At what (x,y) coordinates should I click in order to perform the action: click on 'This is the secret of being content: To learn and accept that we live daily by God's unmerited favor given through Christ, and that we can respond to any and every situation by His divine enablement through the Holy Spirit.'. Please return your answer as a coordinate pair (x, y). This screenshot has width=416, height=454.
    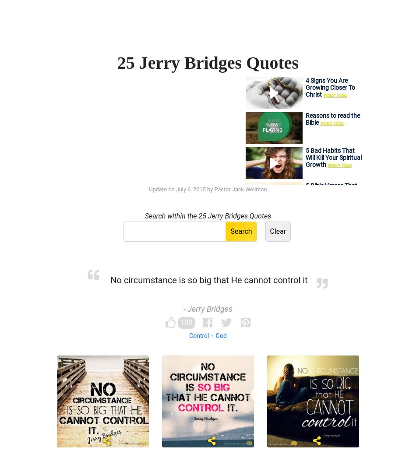
    Looking at the image, I should click on (54, 67).